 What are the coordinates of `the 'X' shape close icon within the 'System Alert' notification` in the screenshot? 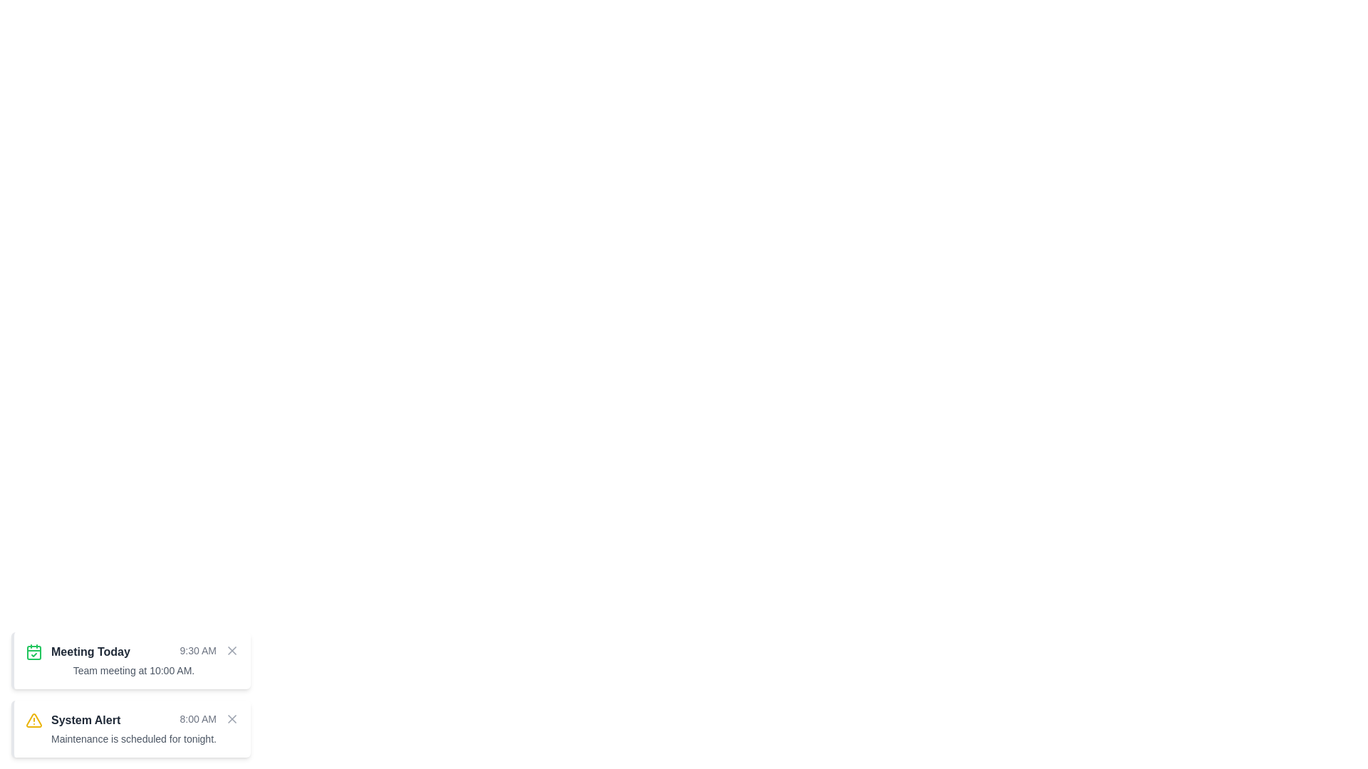 It's located at (232, 719).